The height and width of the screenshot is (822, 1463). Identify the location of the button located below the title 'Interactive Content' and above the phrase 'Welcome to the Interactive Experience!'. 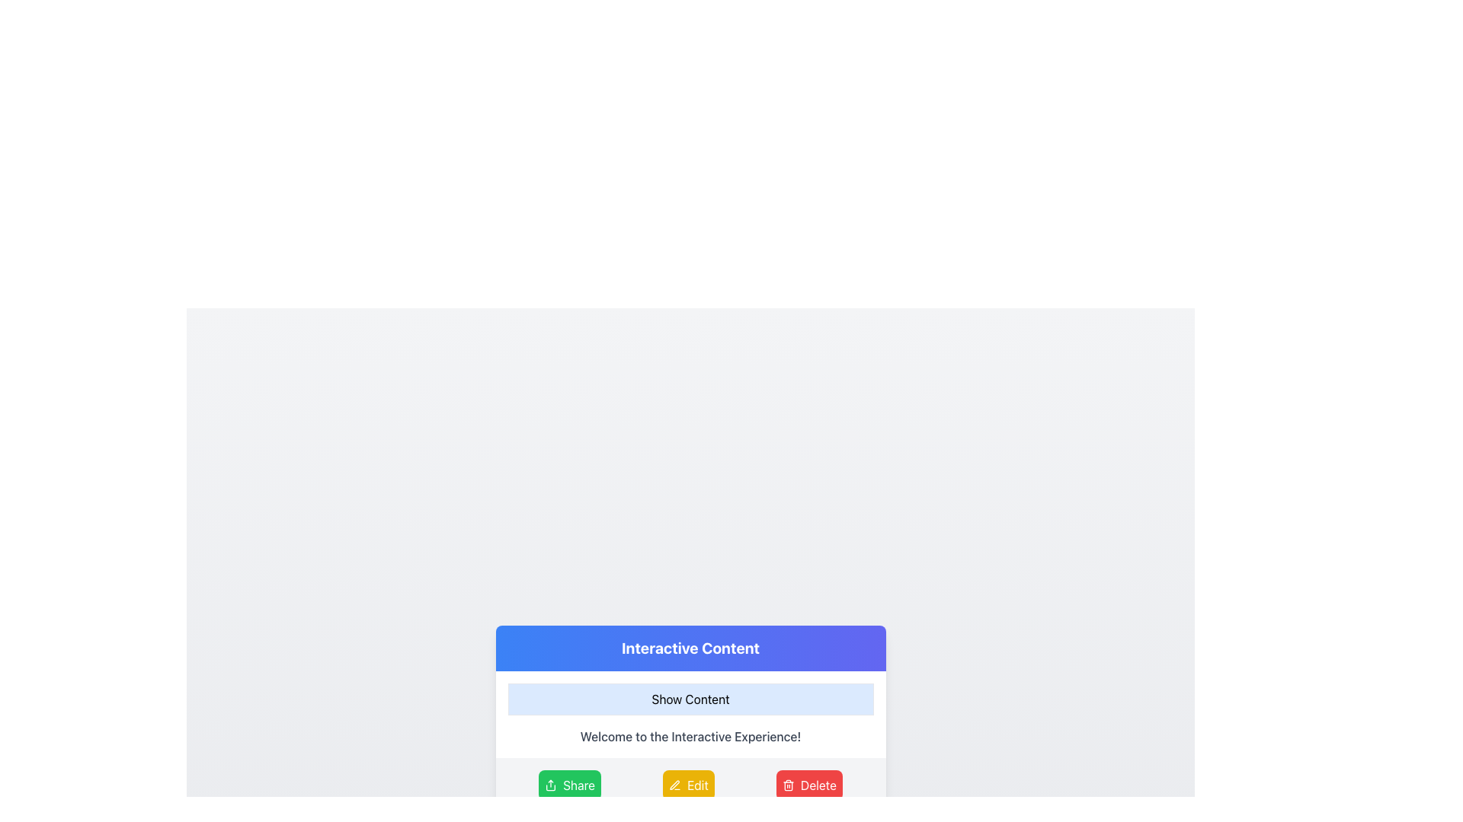
(690, 699).